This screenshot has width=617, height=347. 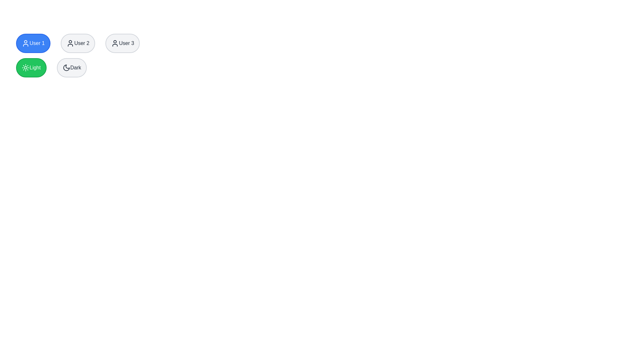 What do you see at coordinates (70, 43) in the screenshot?
I see `the user icon located within the button labeled 'User 2'` at bounding box center [70, 43].